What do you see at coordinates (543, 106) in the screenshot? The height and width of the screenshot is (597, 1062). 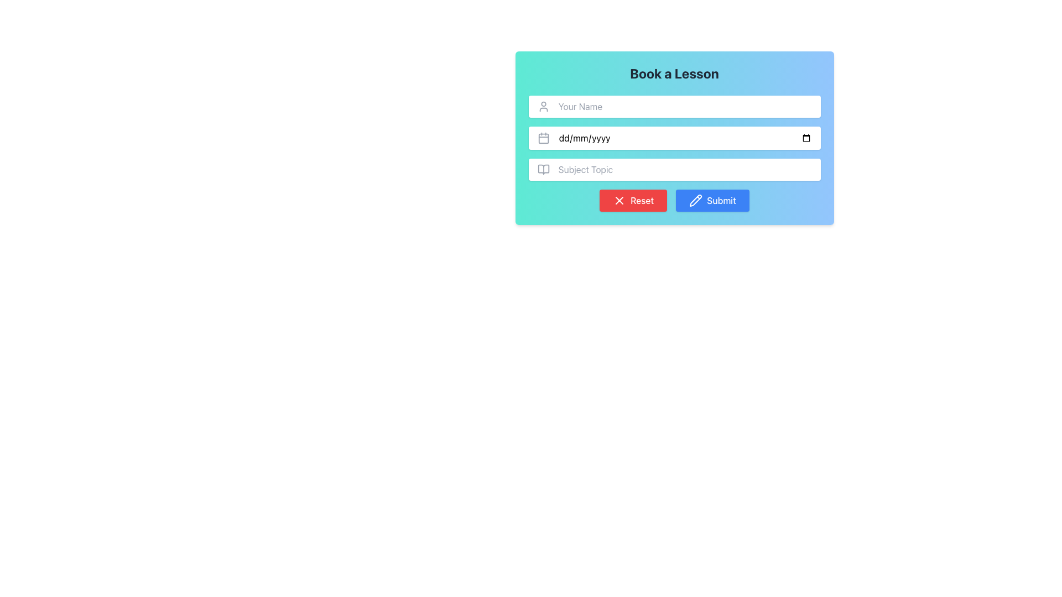 I see `the decorative icon representing the input field for 'Your Name' in the 'Book a Lesson' interface` at bounding box center [543, 106].